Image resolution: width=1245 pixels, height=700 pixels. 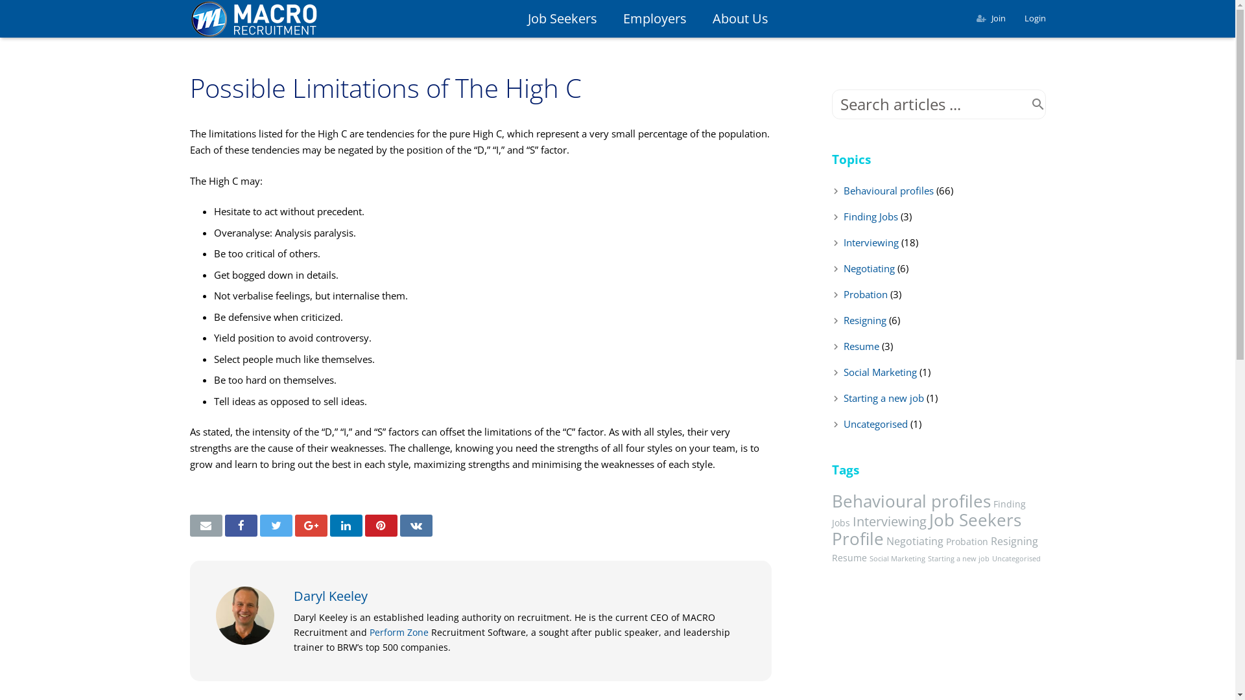 What do you see at coordinates (887, 190) in the screenshot?
I see `'Behavioural profiles'` at bounding box center [887, 190].